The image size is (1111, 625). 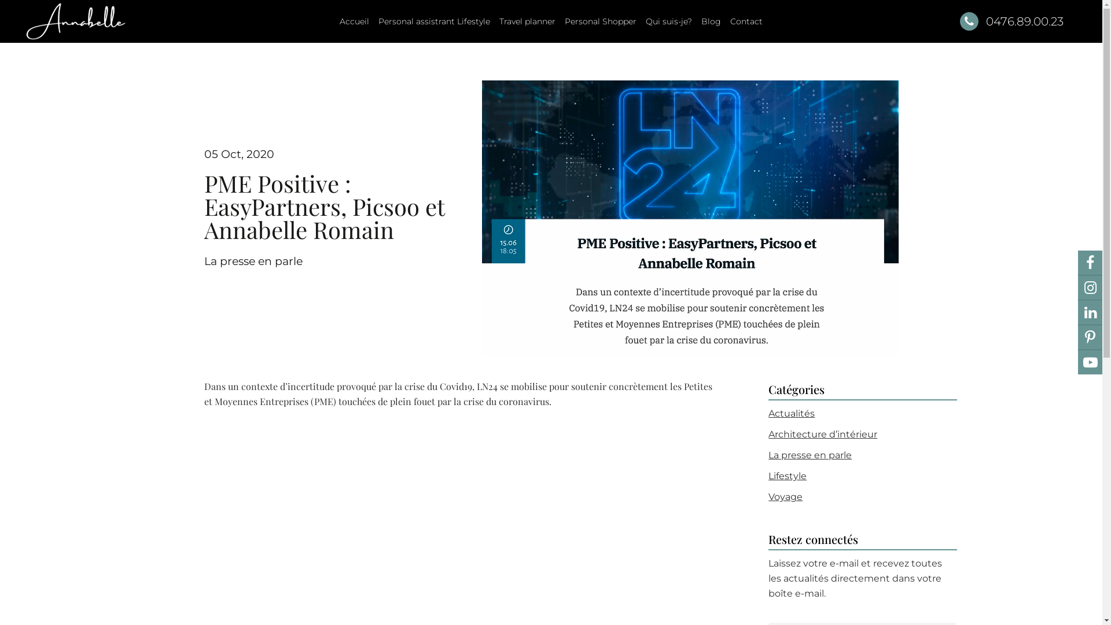 I want to click on 'La presse en parle', so click(x=252, y=261).